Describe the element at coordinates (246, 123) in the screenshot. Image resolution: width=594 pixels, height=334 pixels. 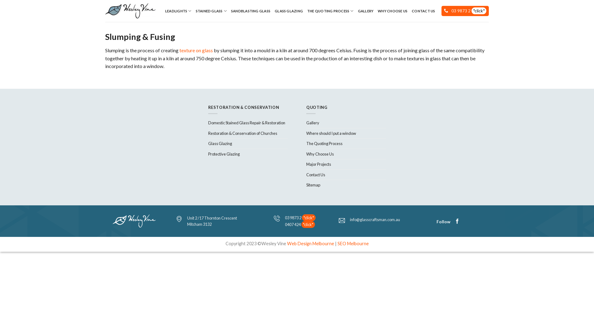
I see `'Domestic Stained Glass Repair & Restoration'` at that location.